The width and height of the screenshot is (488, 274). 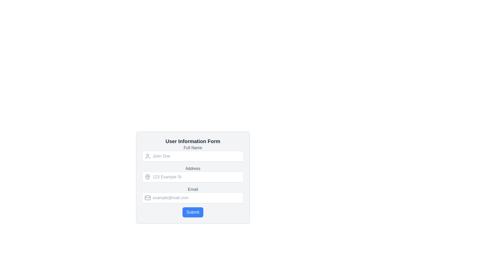 What do you see at coordinates (192, 141) in the screenshot?
I see `the static text label or heading that serves as the title of the user input form, positioned at the topmost part of the form above fields like 'Full Name', 'Address', and 'Email'` at bounding box center [192, 141].